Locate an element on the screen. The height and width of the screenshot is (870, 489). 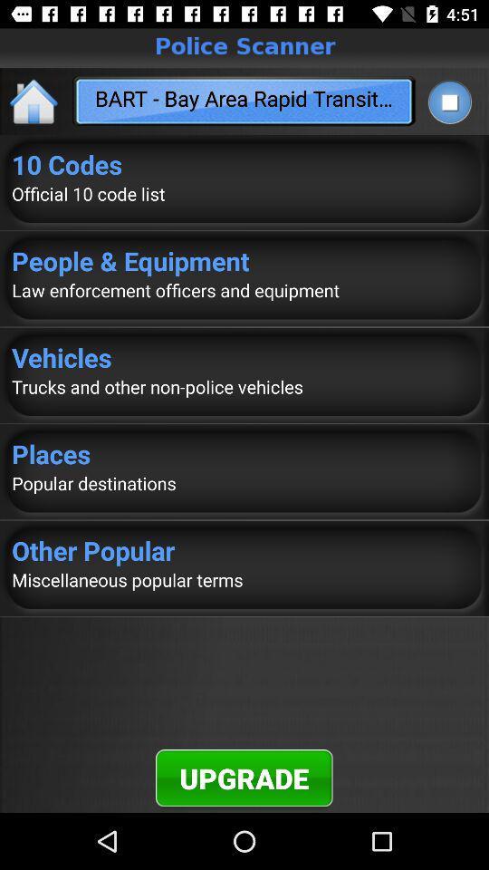
the home icon is located at coordinates (34, 101).